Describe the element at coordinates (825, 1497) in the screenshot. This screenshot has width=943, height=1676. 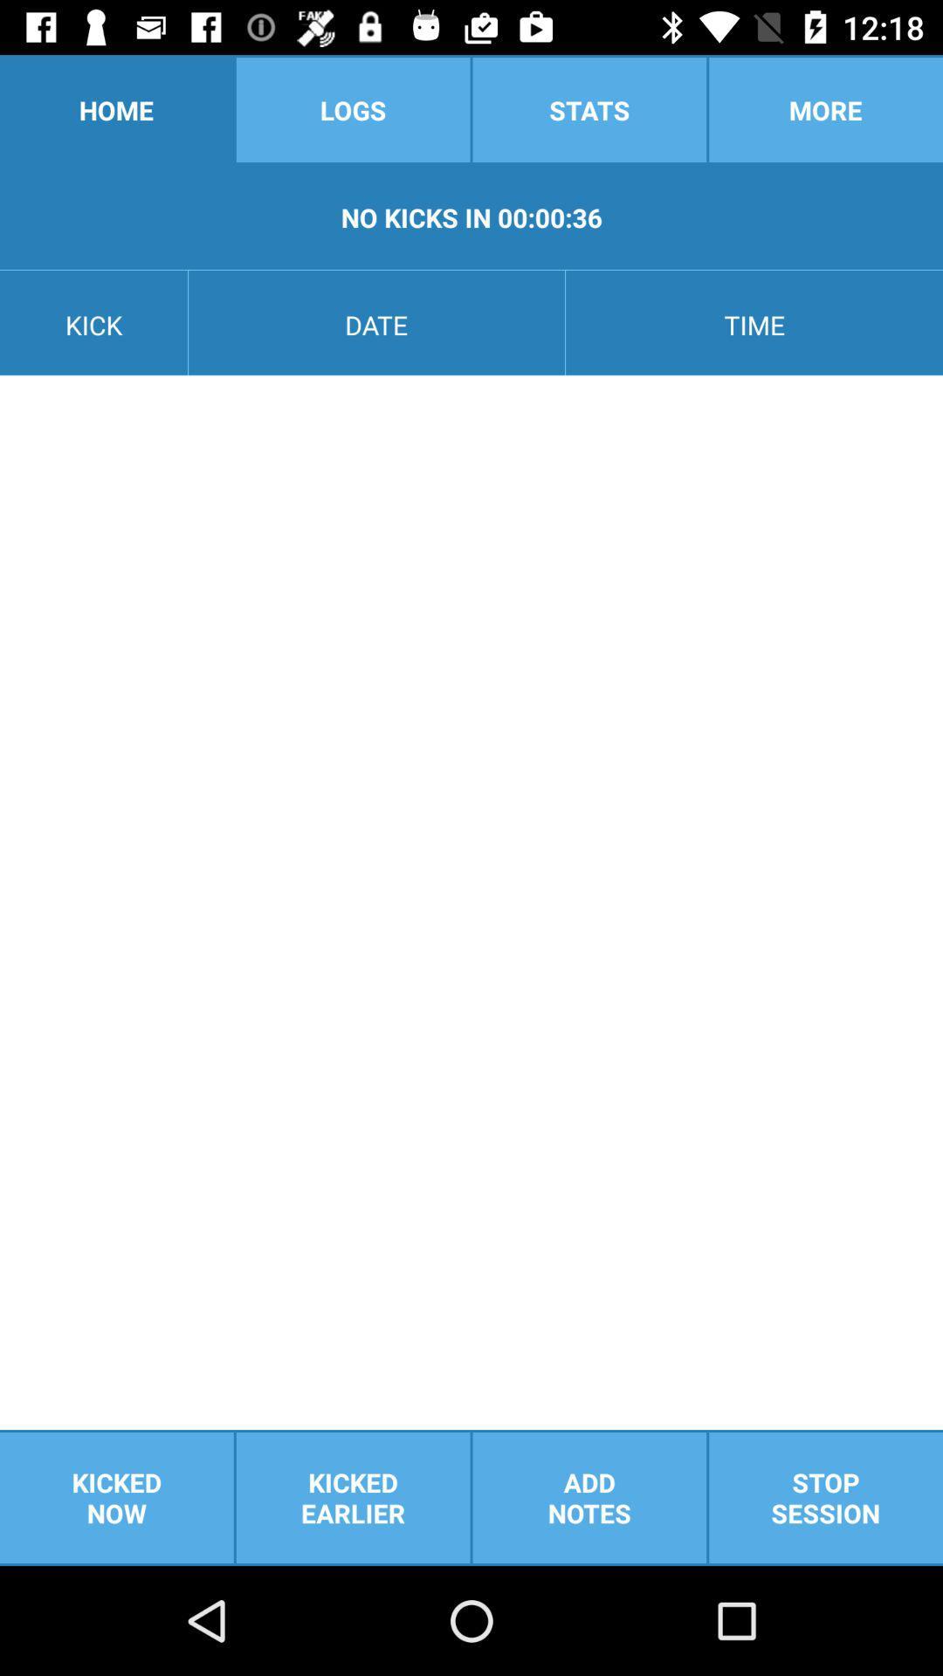
I see `stop` at that location.